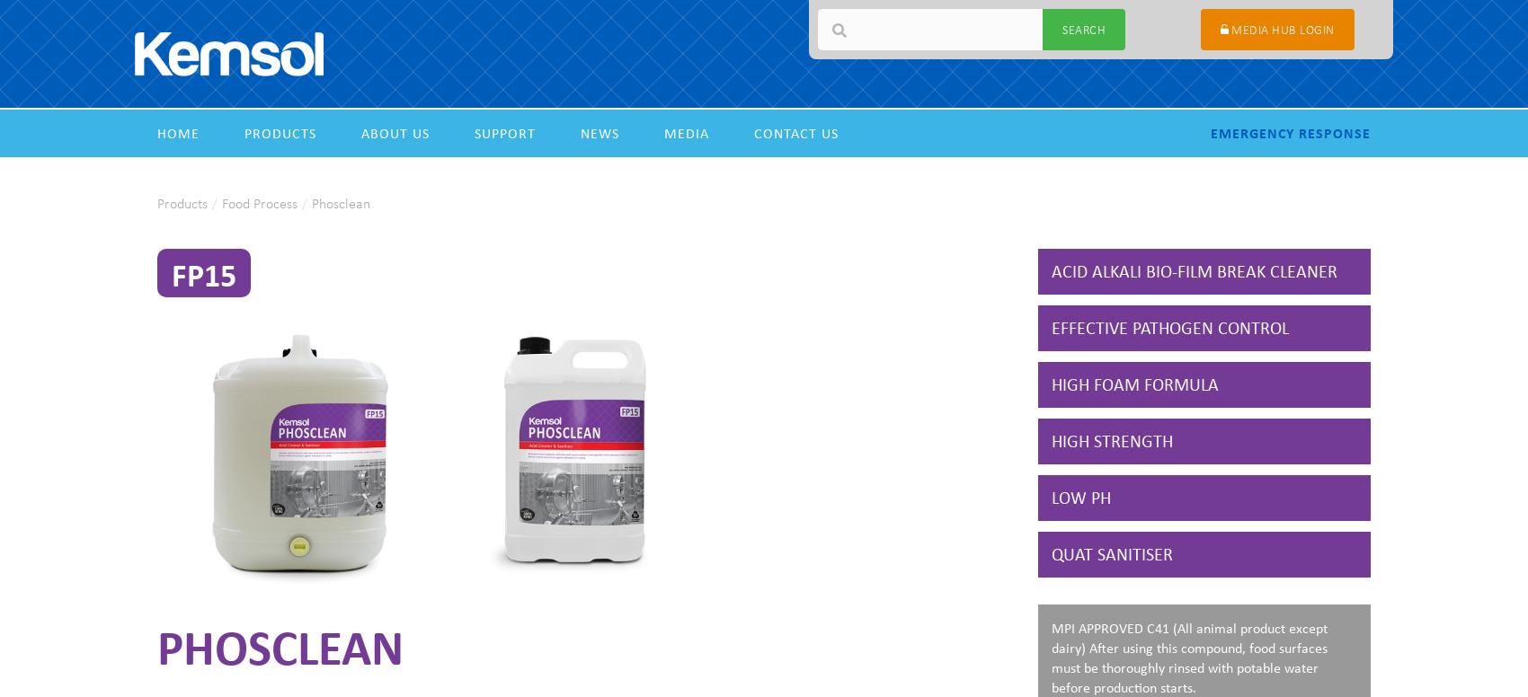  What do you see at coordinates (1051, 440) in the screenshot?
I see `'HIGH STRENGTH'` at bounding box center [1051, 440].